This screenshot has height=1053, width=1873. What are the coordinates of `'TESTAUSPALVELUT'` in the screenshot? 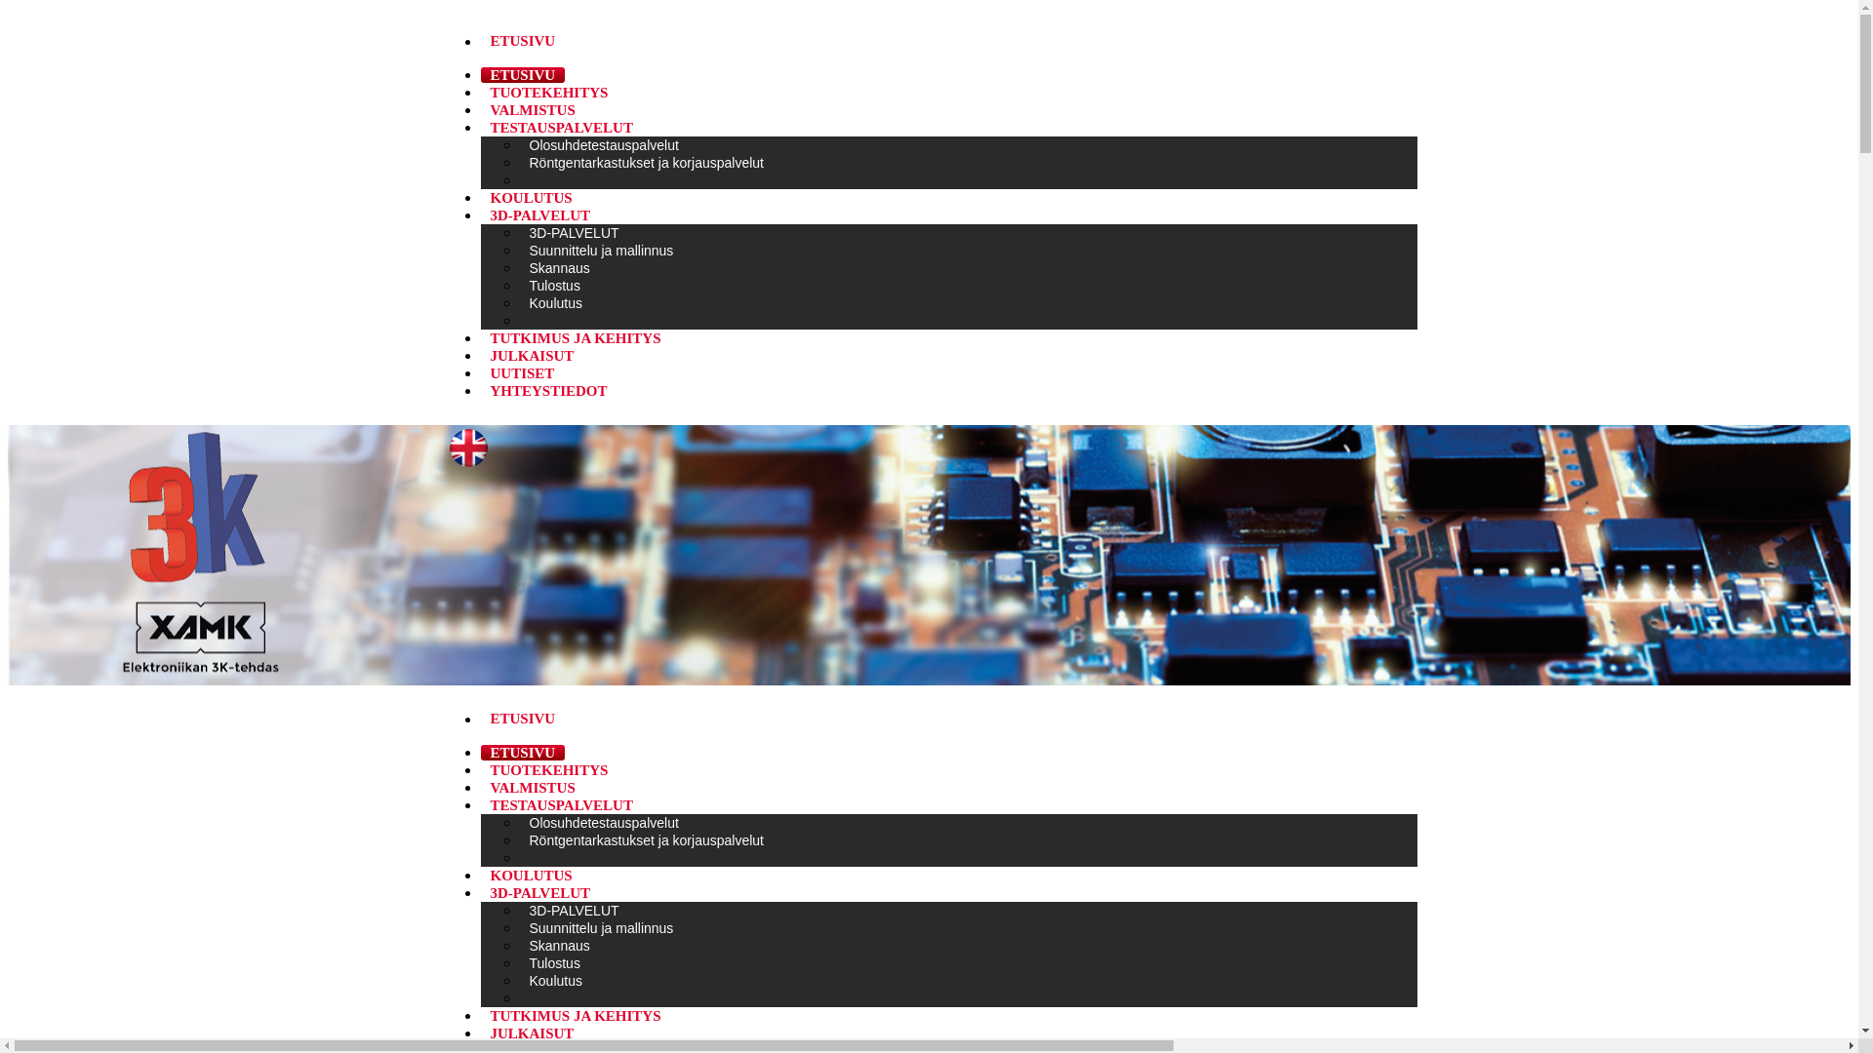 It's located at (560, 804).